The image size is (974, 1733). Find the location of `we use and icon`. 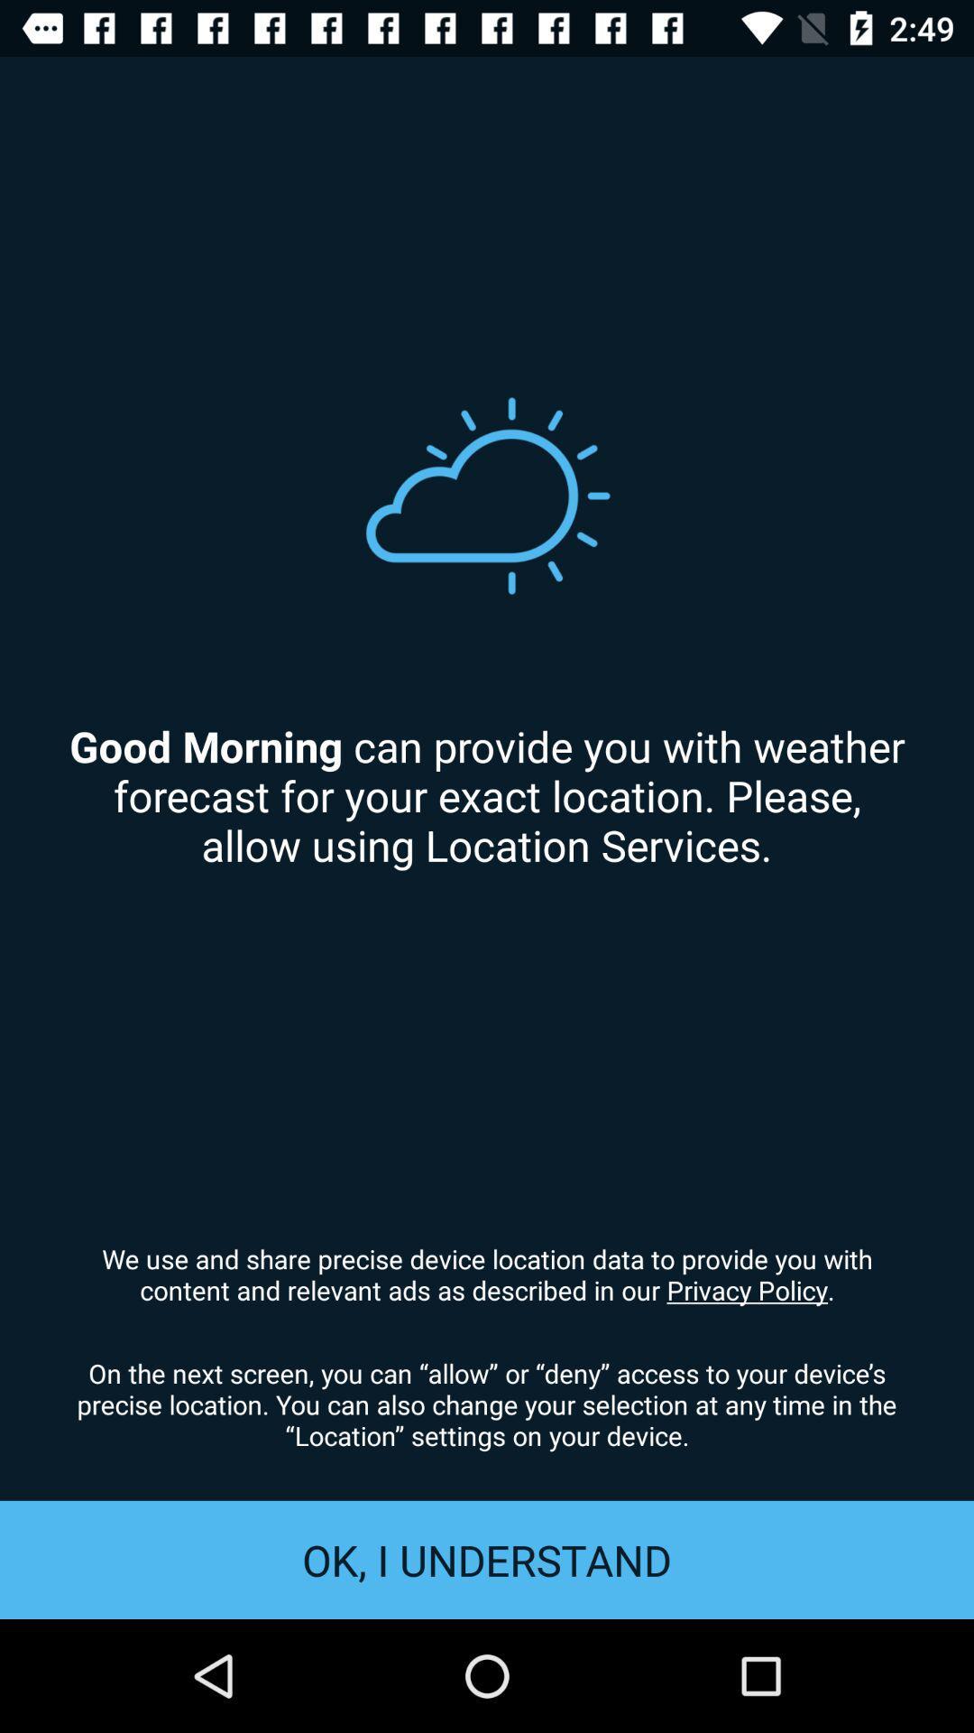

we use and icon is located at coordinates (487, 1273).